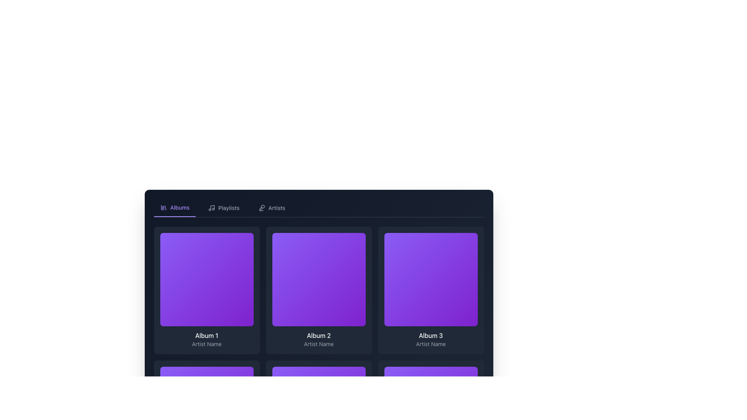 The height and width of the screenshot is (420, 747). I want to click on the text label element that reads 'Artist Name', so click(207, 343).